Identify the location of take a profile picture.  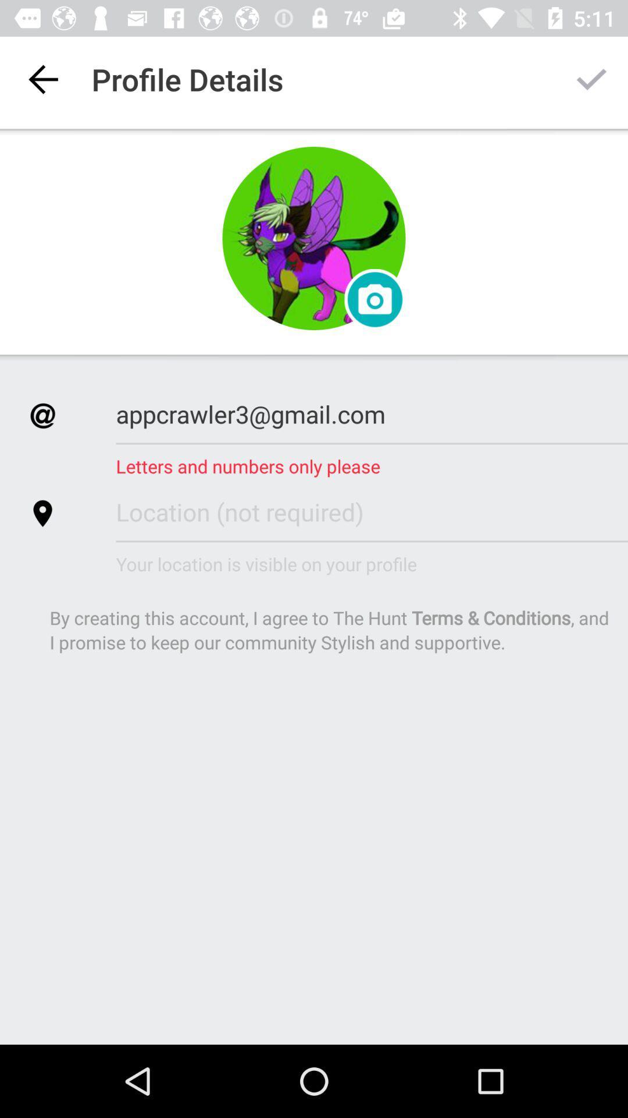
(314, 238).